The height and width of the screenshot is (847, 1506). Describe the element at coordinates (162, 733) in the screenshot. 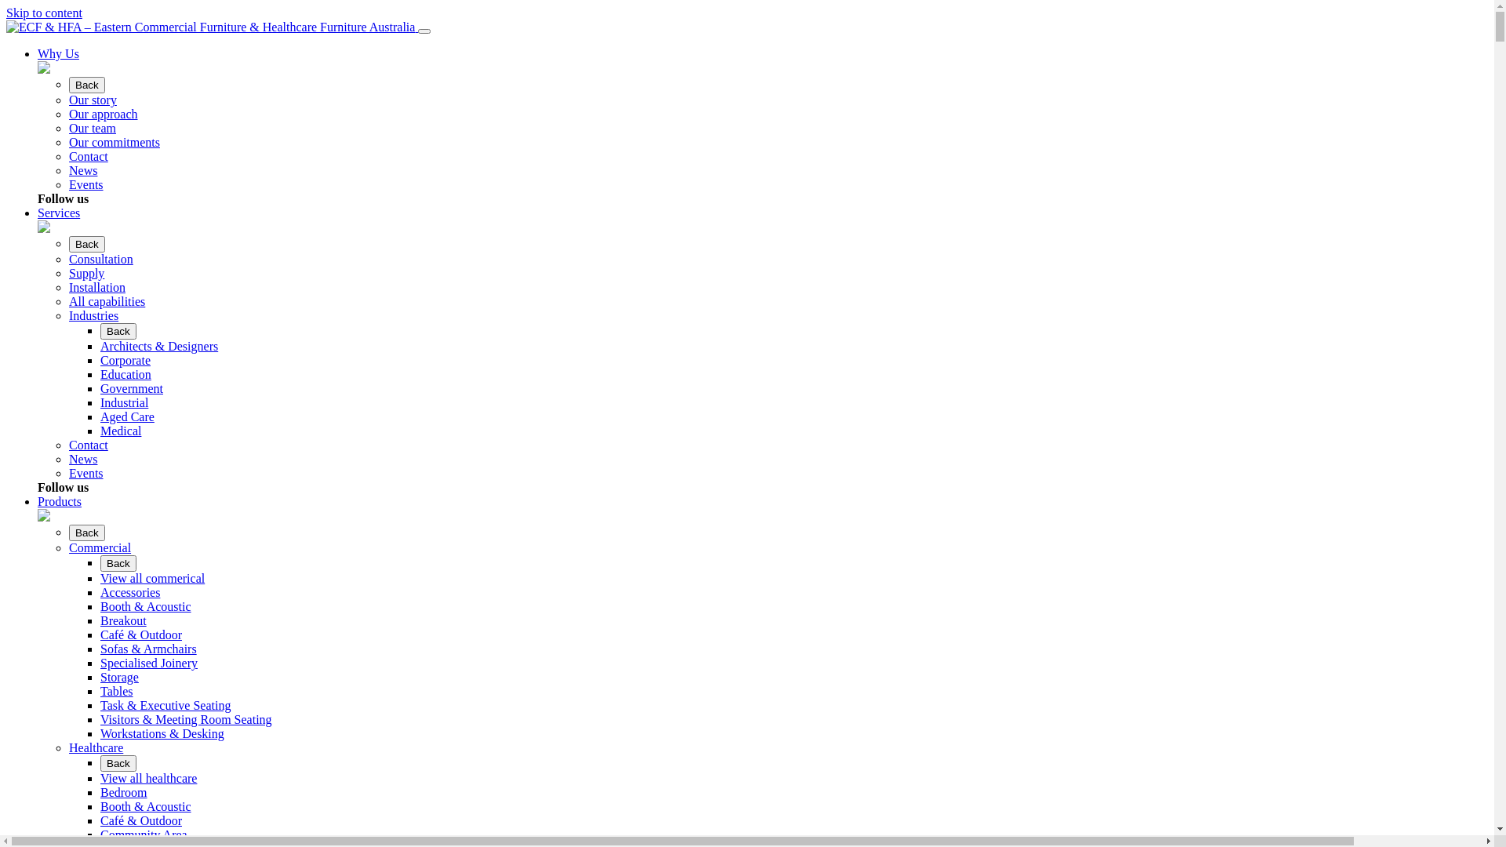

I see `'Workstations & Desking'` at that location.